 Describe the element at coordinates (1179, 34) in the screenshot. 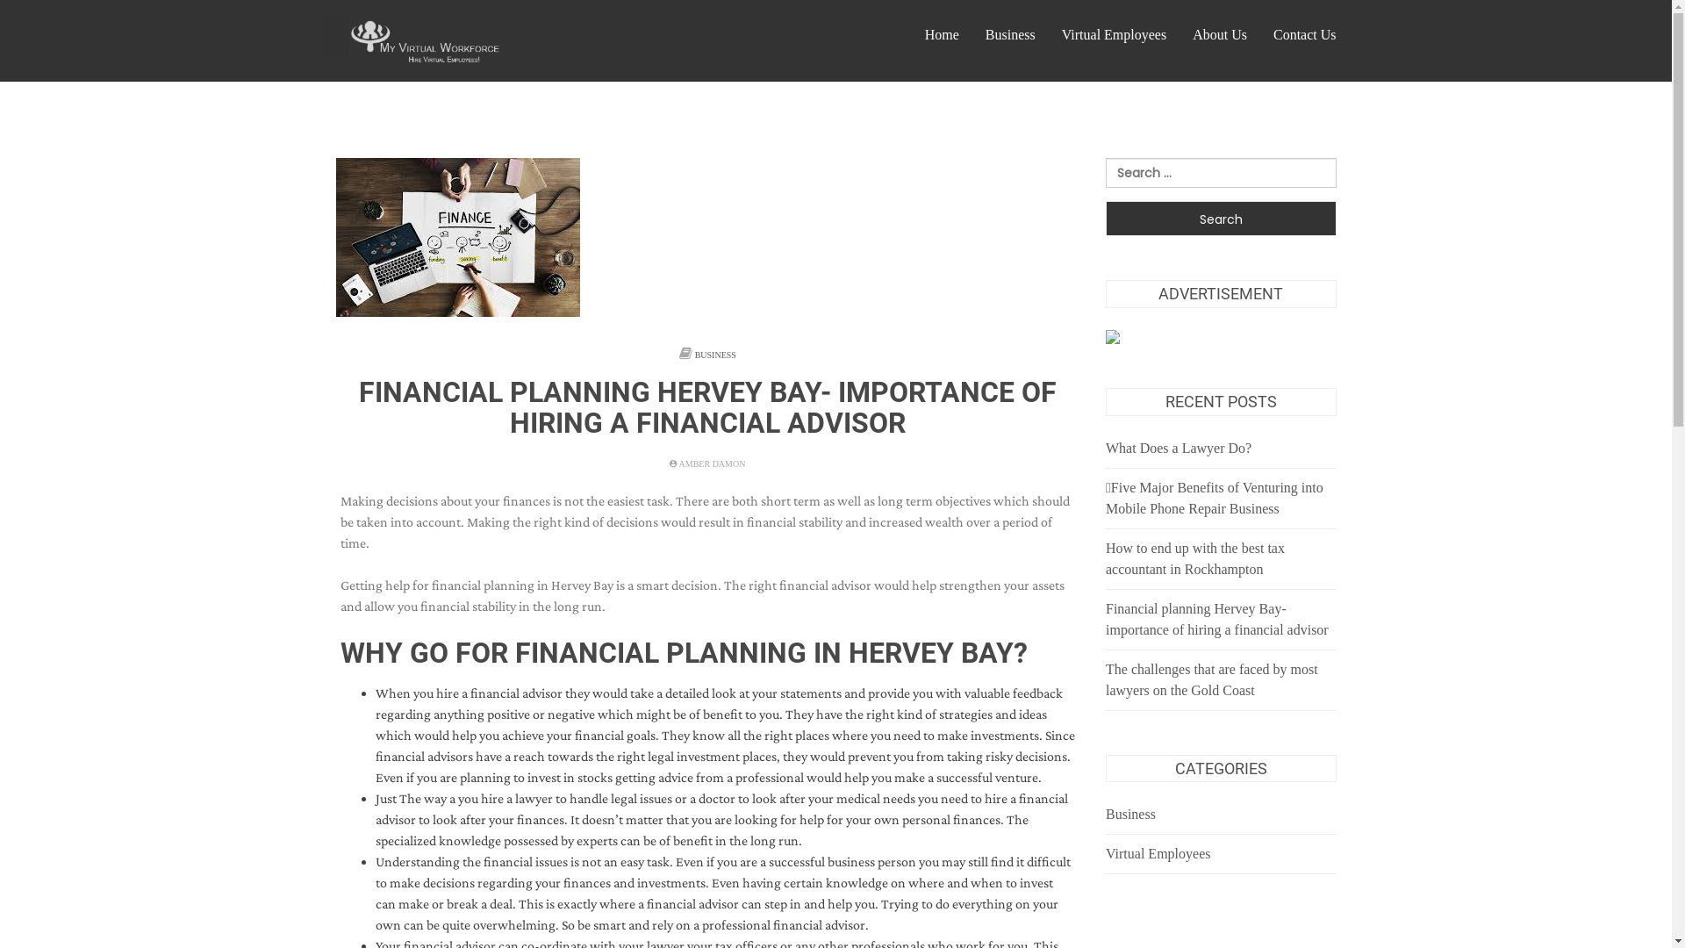

I see `'About Us'` at that location.